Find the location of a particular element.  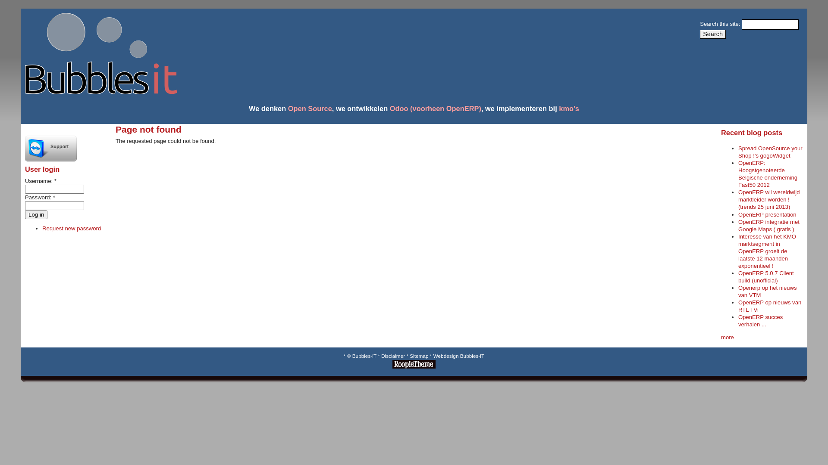

'RoopleTheme!' is located at coordinates (414, 367).